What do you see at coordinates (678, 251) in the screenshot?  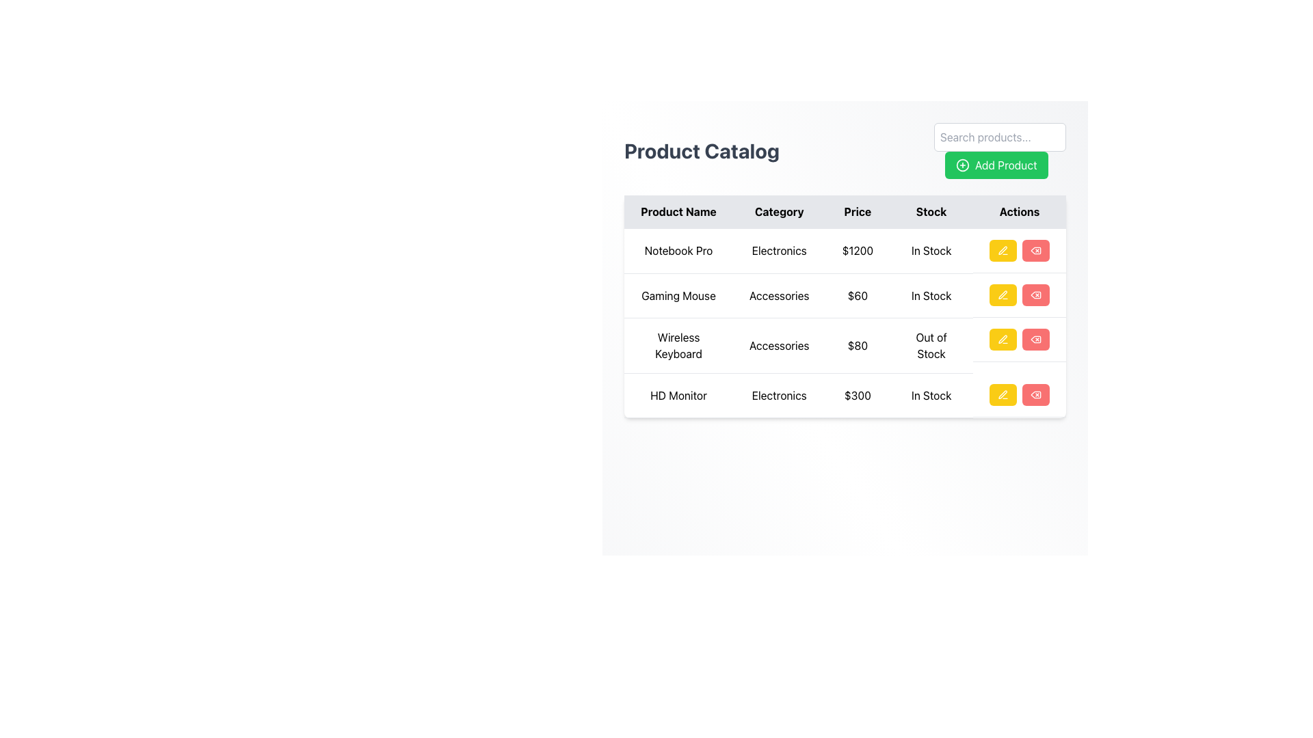 I see `information displayed in the 'Notebook Pro' text label located in the first row of the 'Product Catalog' table under the 'Product Name' column` at bounding box center [678, 251].